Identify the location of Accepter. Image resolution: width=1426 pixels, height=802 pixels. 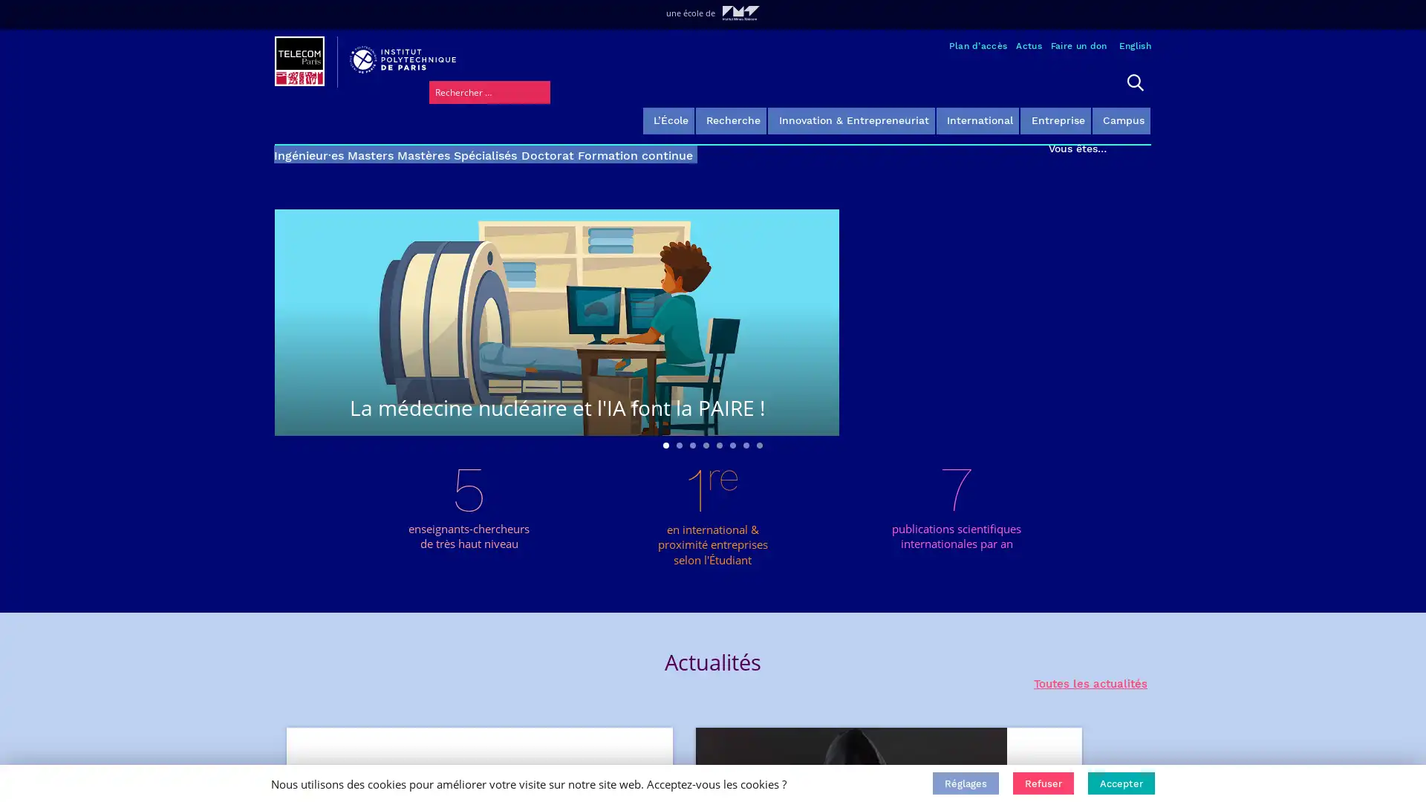
(1121, 782).